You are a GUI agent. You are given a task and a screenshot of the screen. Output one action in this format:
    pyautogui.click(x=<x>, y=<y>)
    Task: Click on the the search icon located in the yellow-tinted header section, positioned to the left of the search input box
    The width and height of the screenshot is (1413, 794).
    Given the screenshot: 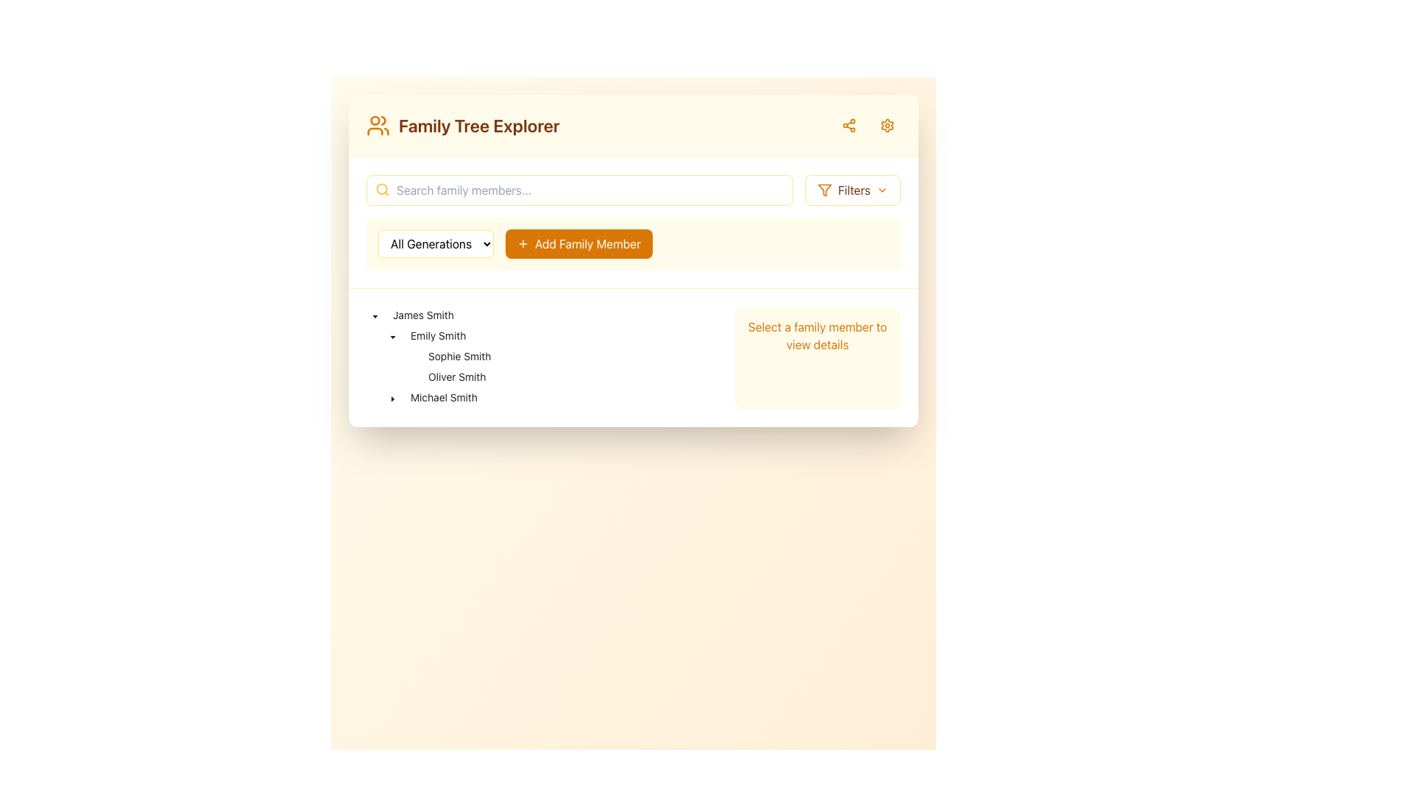 What is the action you would take?
    pyautogui.click(x=382, y=189)
    